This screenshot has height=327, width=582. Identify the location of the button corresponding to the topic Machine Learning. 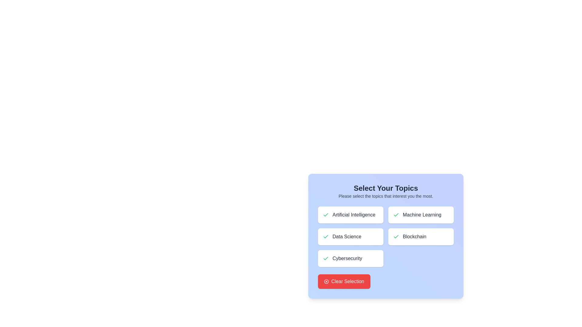
(420, 214).